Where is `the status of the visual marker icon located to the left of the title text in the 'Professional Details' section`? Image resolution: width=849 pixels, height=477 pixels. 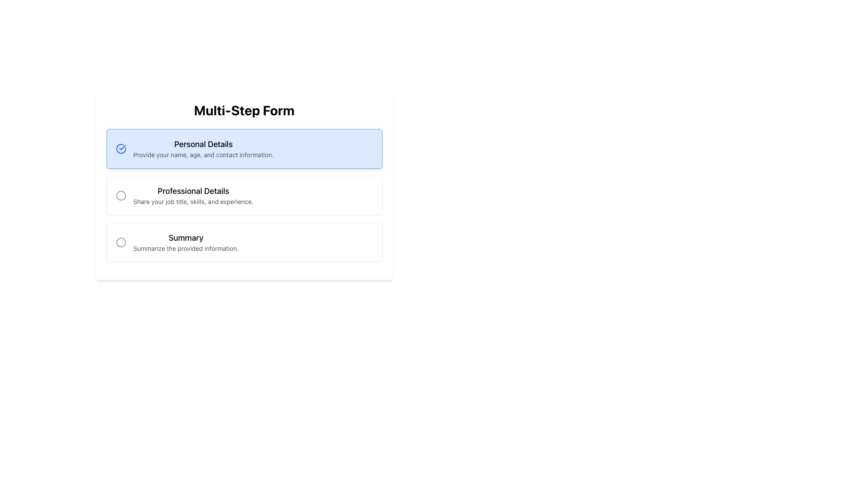 the status of the visual marker icon located to the left of the title text in the 'Professional Details' section is located at coordinates (120, 195).